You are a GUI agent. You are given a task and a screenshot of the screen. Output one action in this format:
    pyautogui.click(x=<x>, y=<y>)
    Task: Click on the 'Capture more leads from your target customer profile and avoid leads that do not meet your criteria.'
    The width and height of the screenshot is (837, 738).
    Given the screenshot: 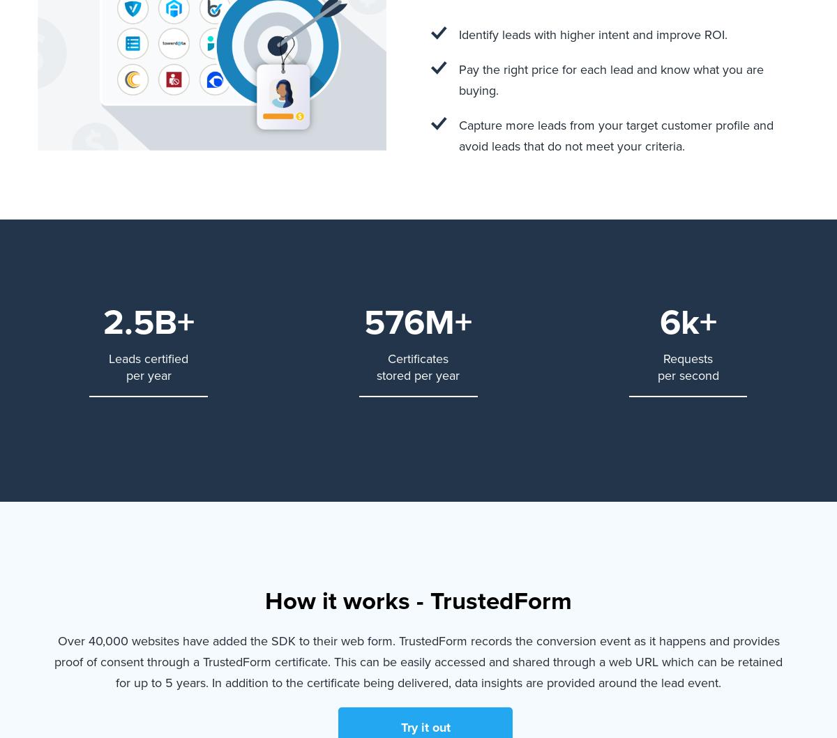 What is the action you would take?
    pyautogui.click(x=615, y=134)
    